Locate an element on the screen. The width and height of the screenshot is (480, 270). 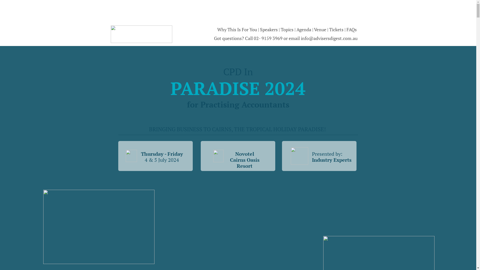
'Speakers' is located at coordinates (269, 29).